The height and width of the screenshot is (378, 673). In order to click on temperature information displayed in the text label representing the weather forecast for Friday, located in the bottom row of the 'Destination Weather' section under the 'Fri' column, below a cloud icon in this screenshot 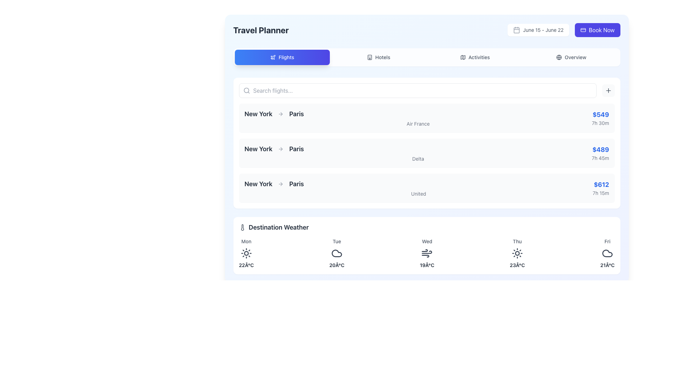, I will do `click(607, 265)`.